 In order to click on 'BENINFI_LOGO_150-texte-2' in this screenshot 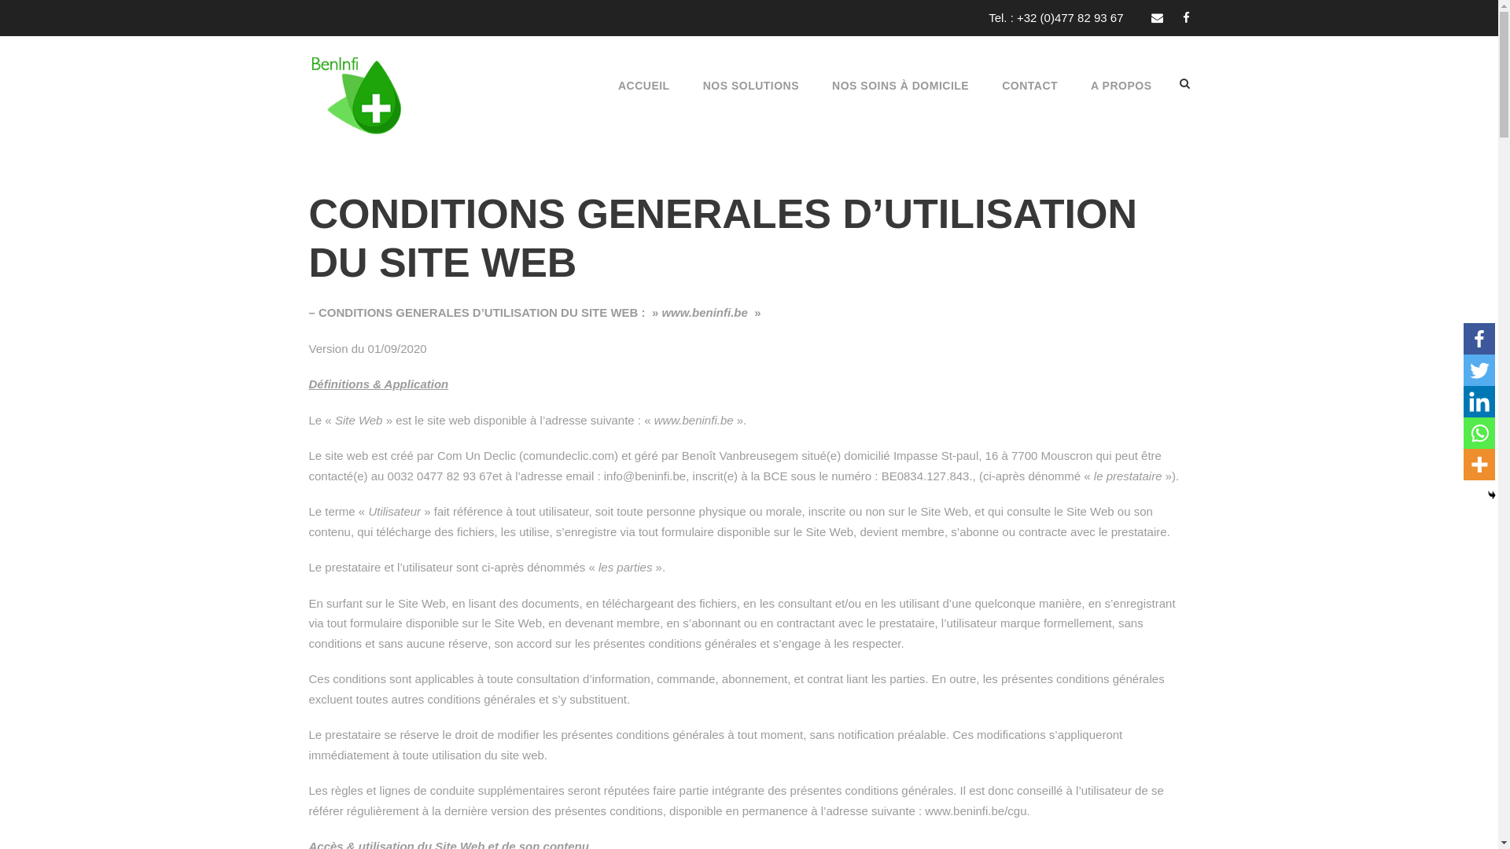, I will do `click(354, 90)`.